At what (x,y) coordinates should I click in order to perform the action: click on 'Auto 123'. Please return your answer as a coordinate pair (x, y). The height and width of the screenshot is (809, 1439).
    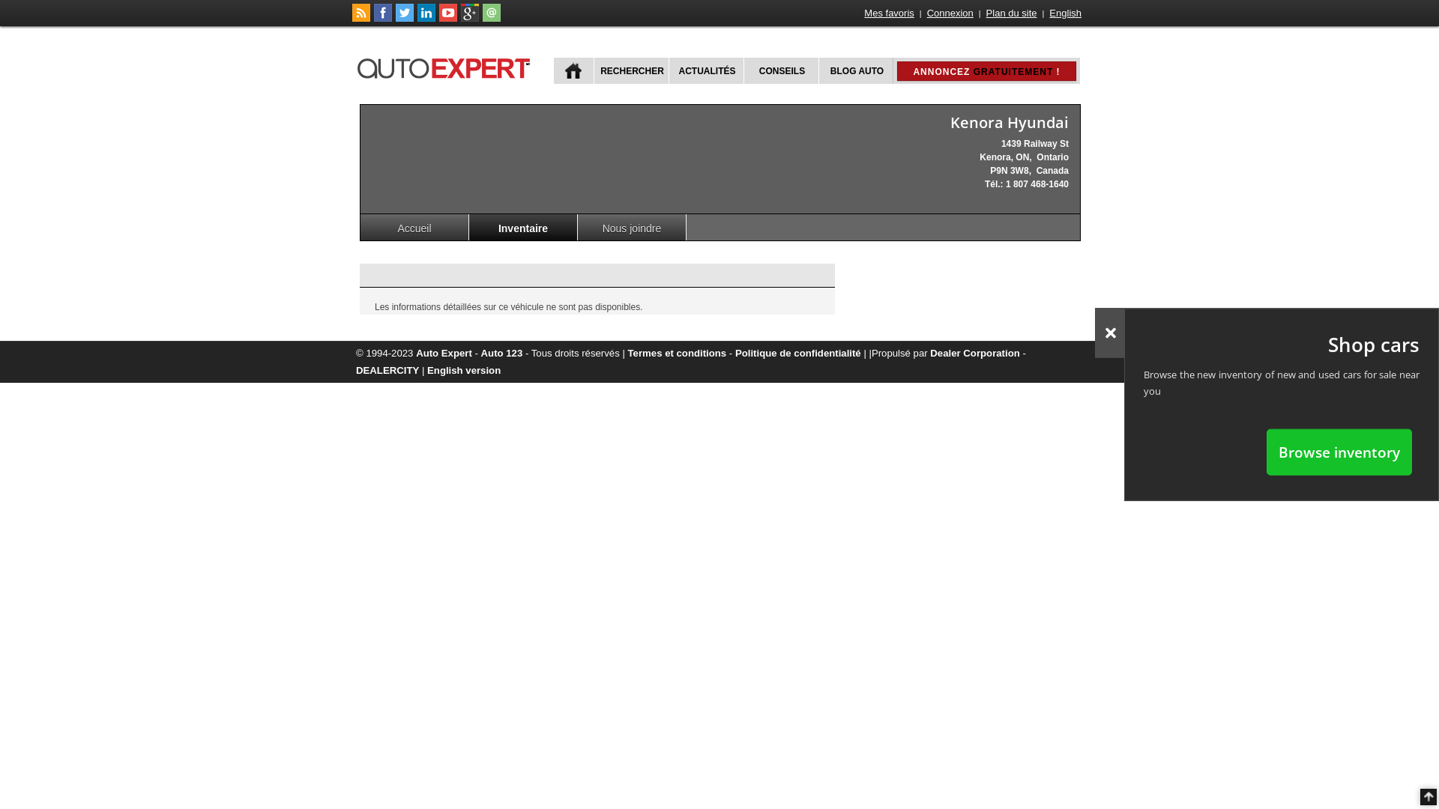
    Looking at the image, I should click on (502, 353).